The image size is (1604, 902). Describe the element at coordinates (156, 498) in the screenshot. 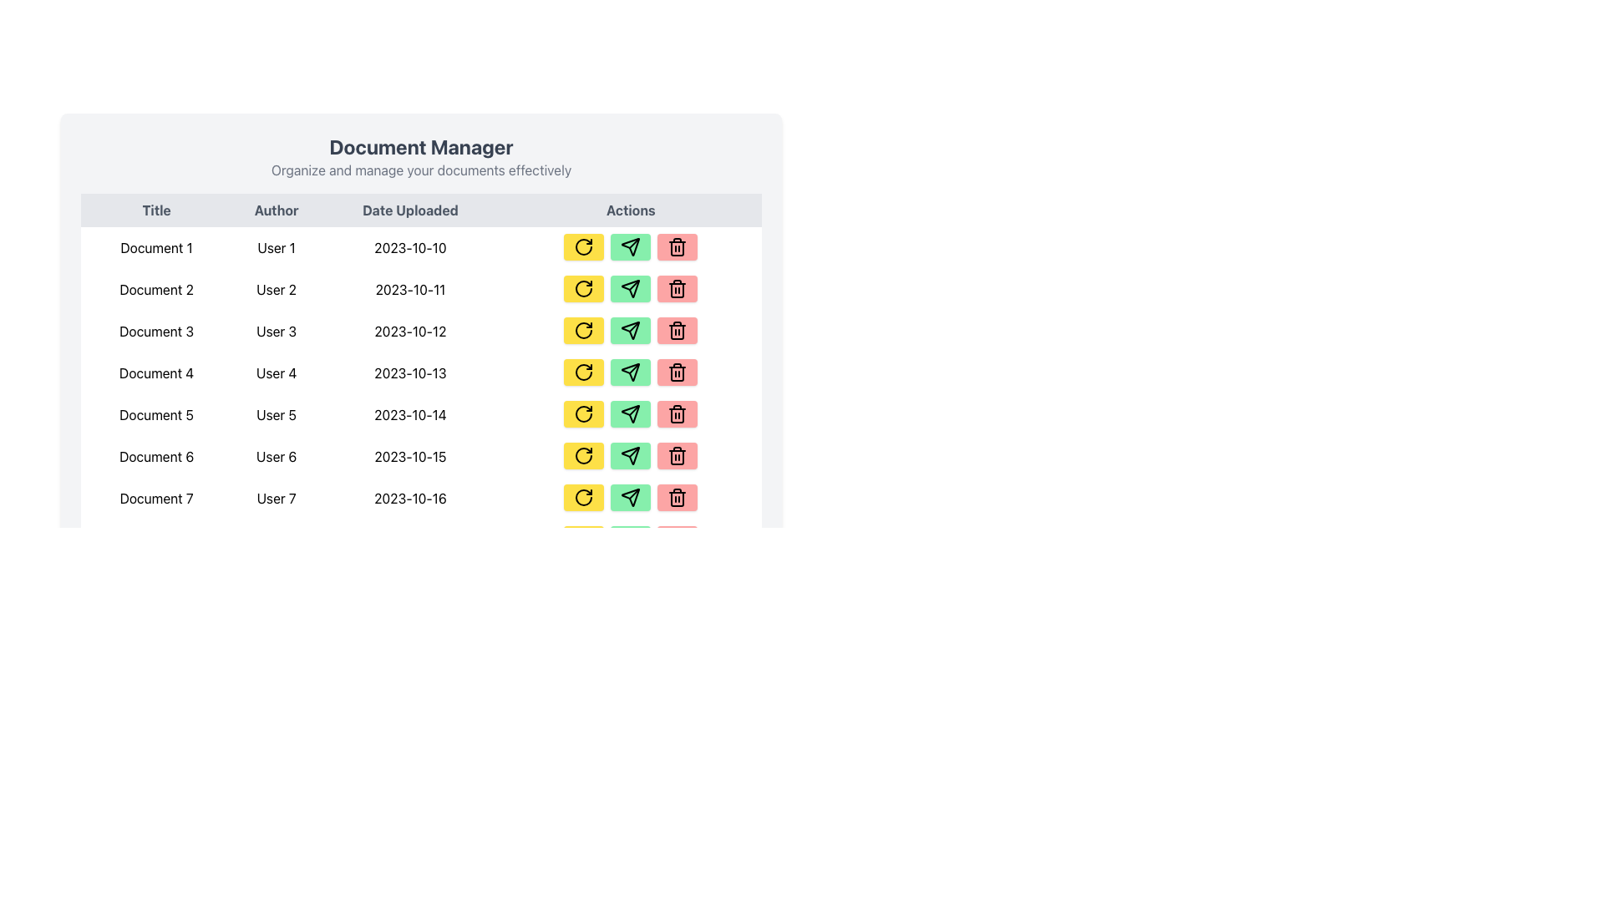

I see `the text label in the leftmost section of the last row of the data table, which identifies a specific document entry` at that location.